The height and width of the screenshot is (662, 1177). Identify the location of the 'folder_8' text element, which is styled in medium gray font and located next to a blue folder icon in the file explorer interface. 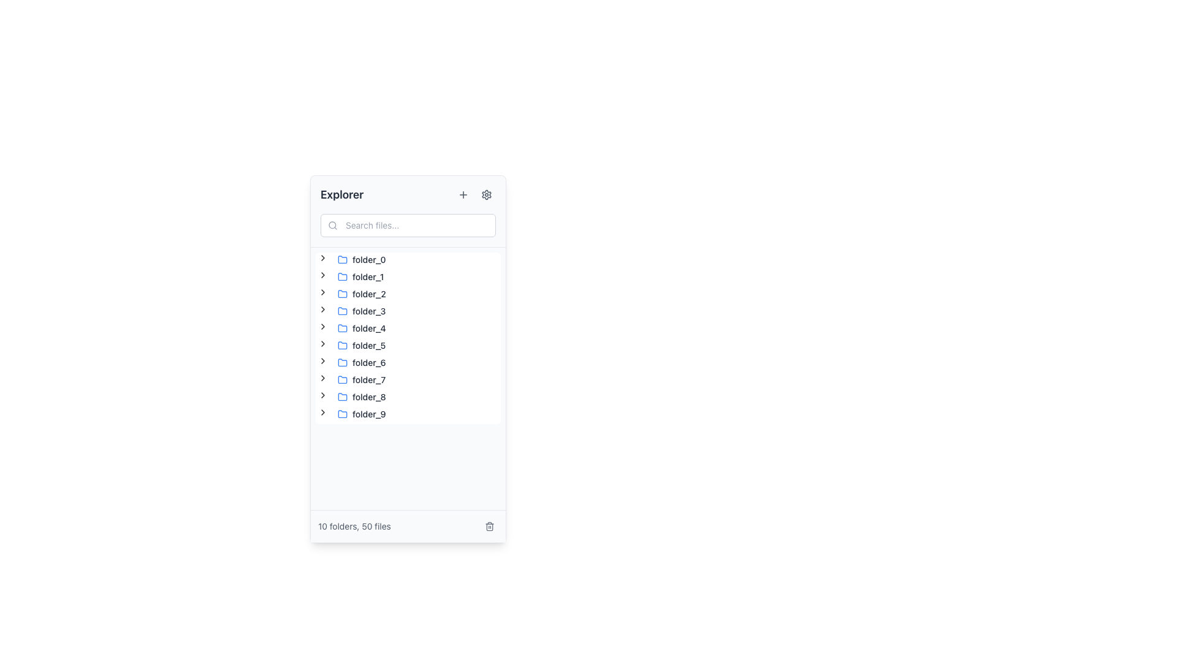
(368, 397).